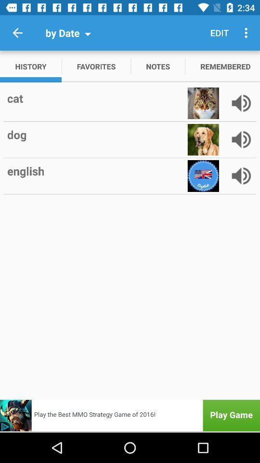 This screenshot has width=260, height=463. Describe the element at coordinates (158, 66) in the screenshot. I see `the app next to the favorites icon` at that location.